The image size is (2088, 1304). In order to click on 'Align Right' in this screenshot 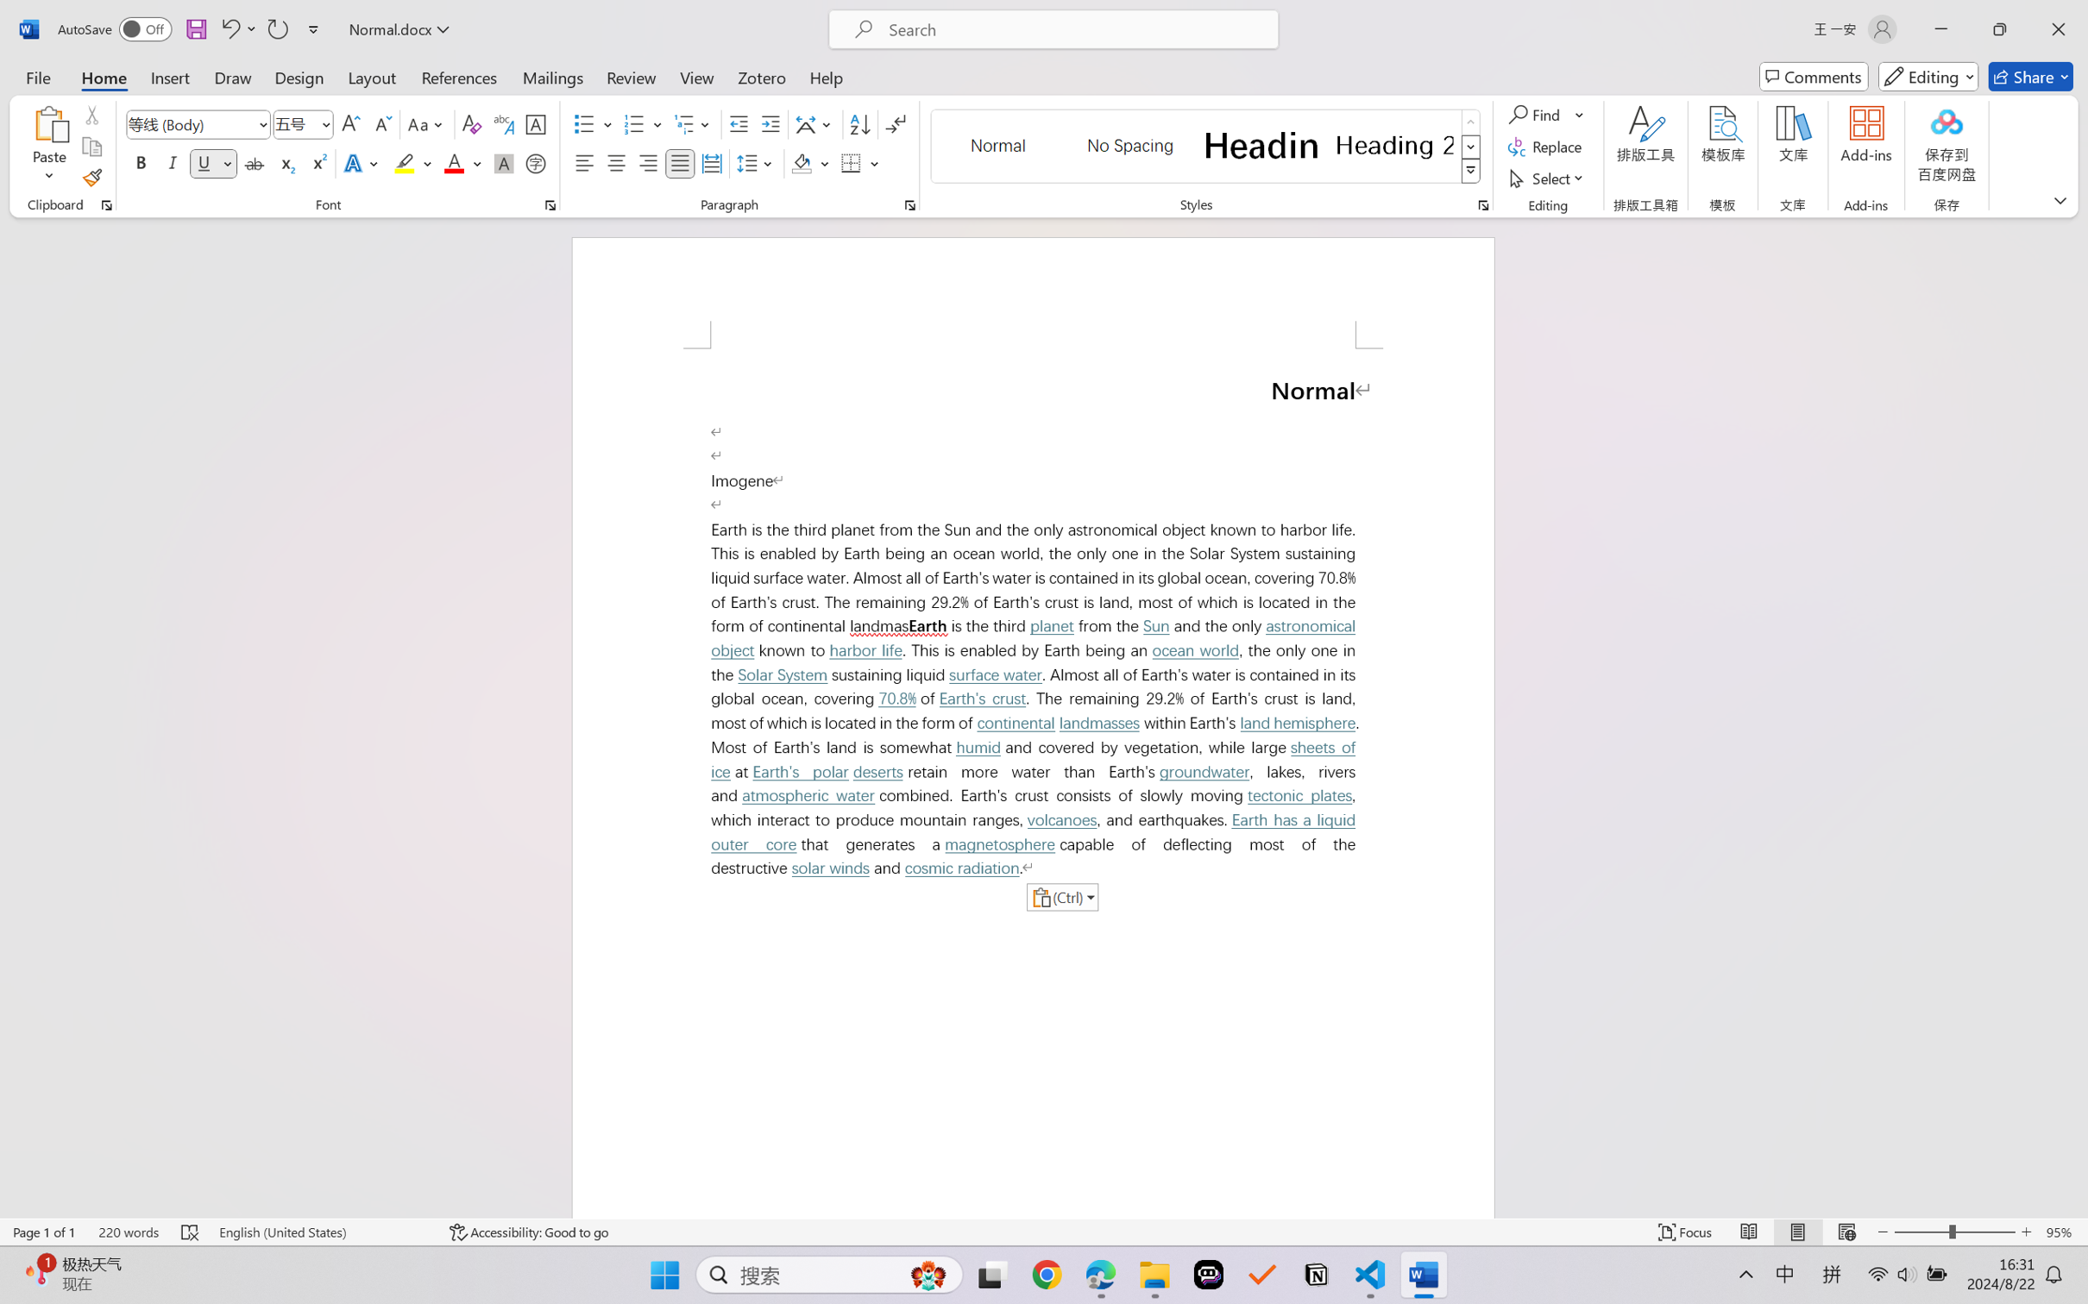, I will do `click(649, 162)`.